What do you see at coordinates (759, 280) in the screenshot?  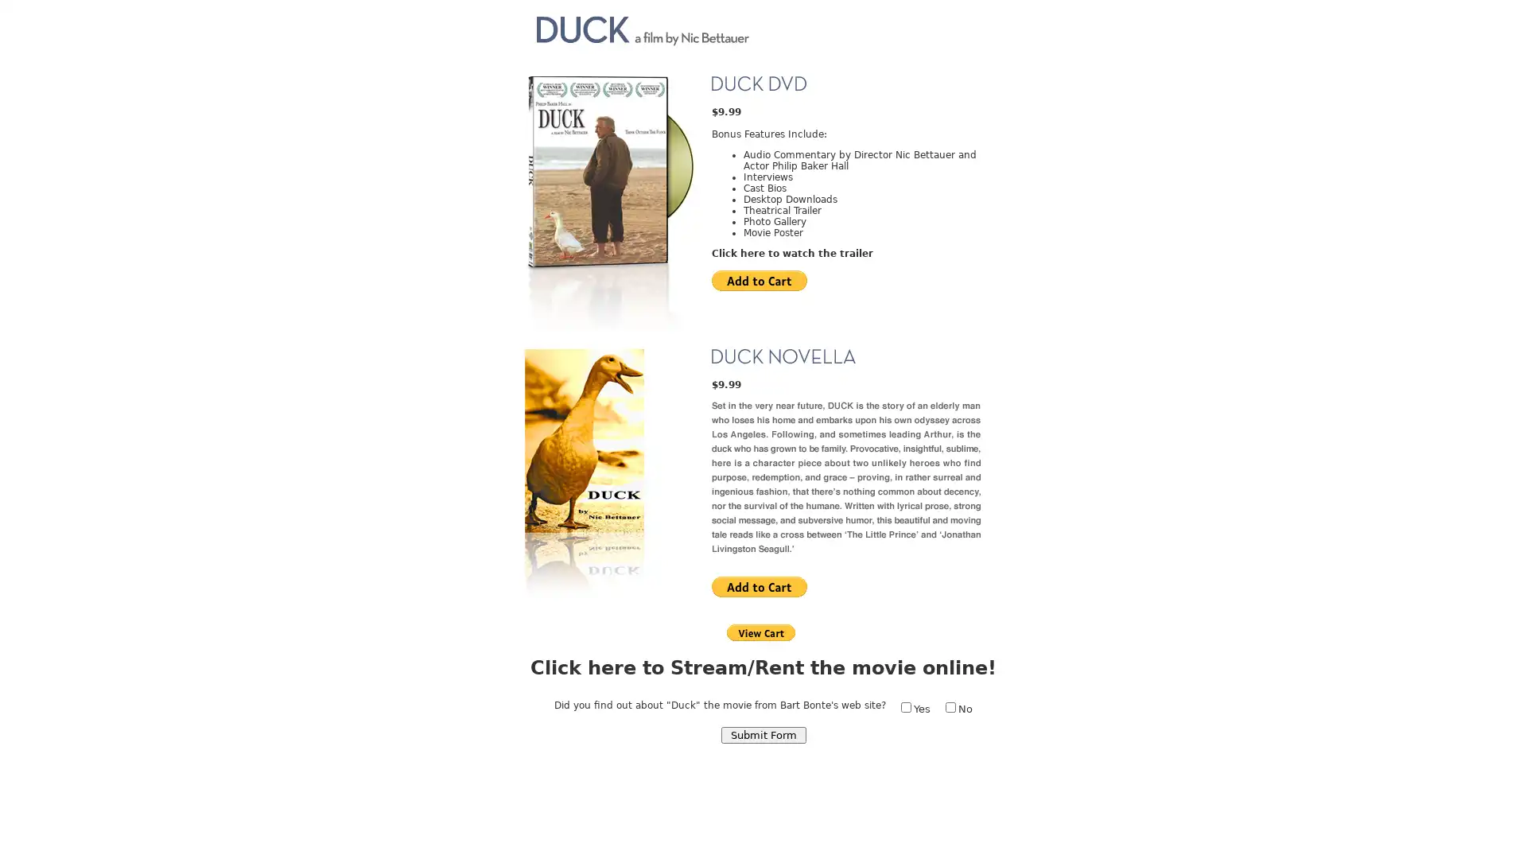 I see `PayPal - The safer, easier way to pay online!` at bounding box center [759, 280].